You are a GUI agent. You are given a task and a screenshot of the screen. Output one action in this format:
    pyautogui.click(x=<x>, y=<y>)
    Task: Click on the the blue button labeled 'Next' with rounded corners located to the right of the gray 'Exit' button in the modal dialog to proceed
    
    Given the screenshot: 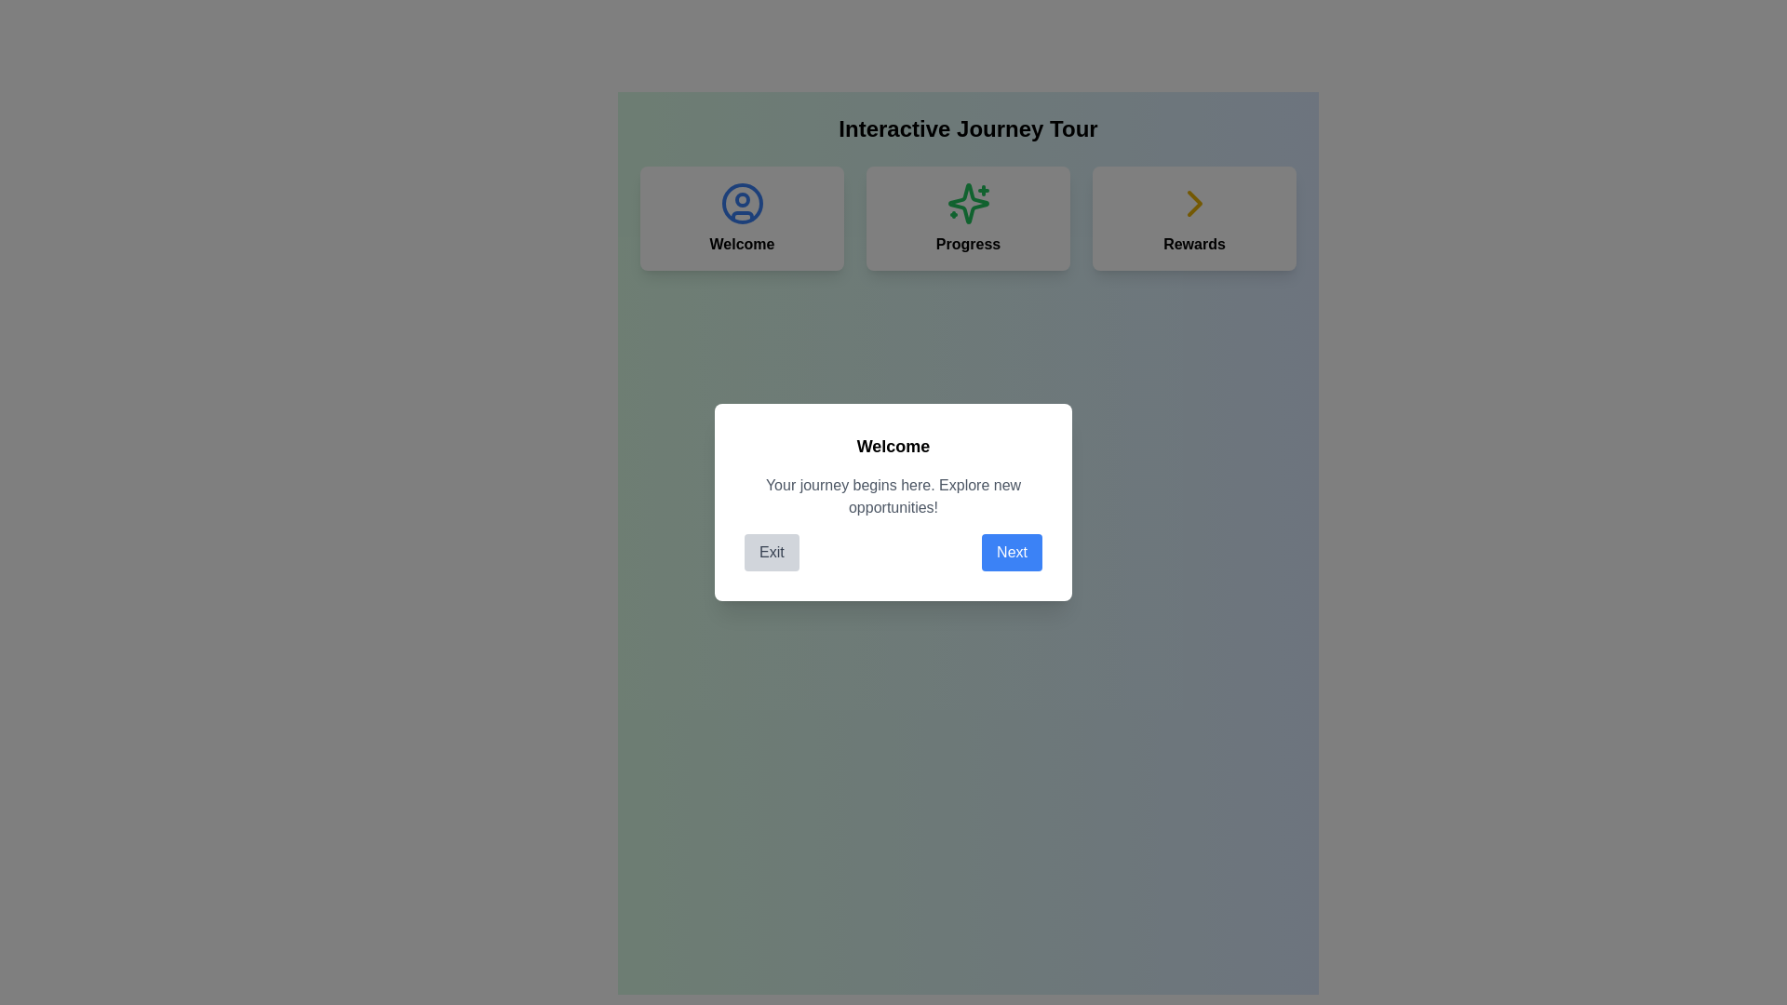 What is the action you would take?
    pyautogui.click(x=1011, y=552)
    